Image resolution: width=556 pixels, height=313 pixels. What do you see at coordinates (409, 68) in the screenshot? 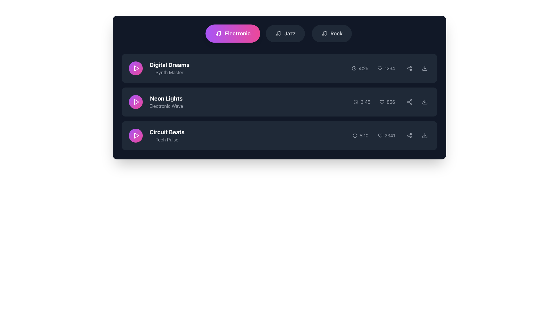
I see `the circular button representing a sharing action, which features three connected dots forming a triangular shape, to observe the hover effect` at bounding box center [409, 68].